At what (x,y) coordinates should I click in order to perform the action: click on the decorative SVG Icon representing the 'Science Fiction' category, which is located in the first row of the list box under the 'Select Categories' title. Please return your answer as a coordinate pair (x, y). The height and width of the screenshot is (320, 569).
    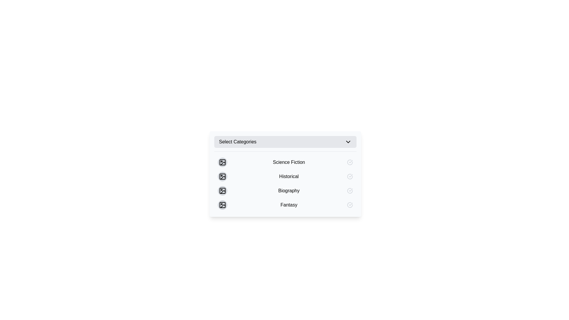
    Looking at the image, I should click on (222, 162).